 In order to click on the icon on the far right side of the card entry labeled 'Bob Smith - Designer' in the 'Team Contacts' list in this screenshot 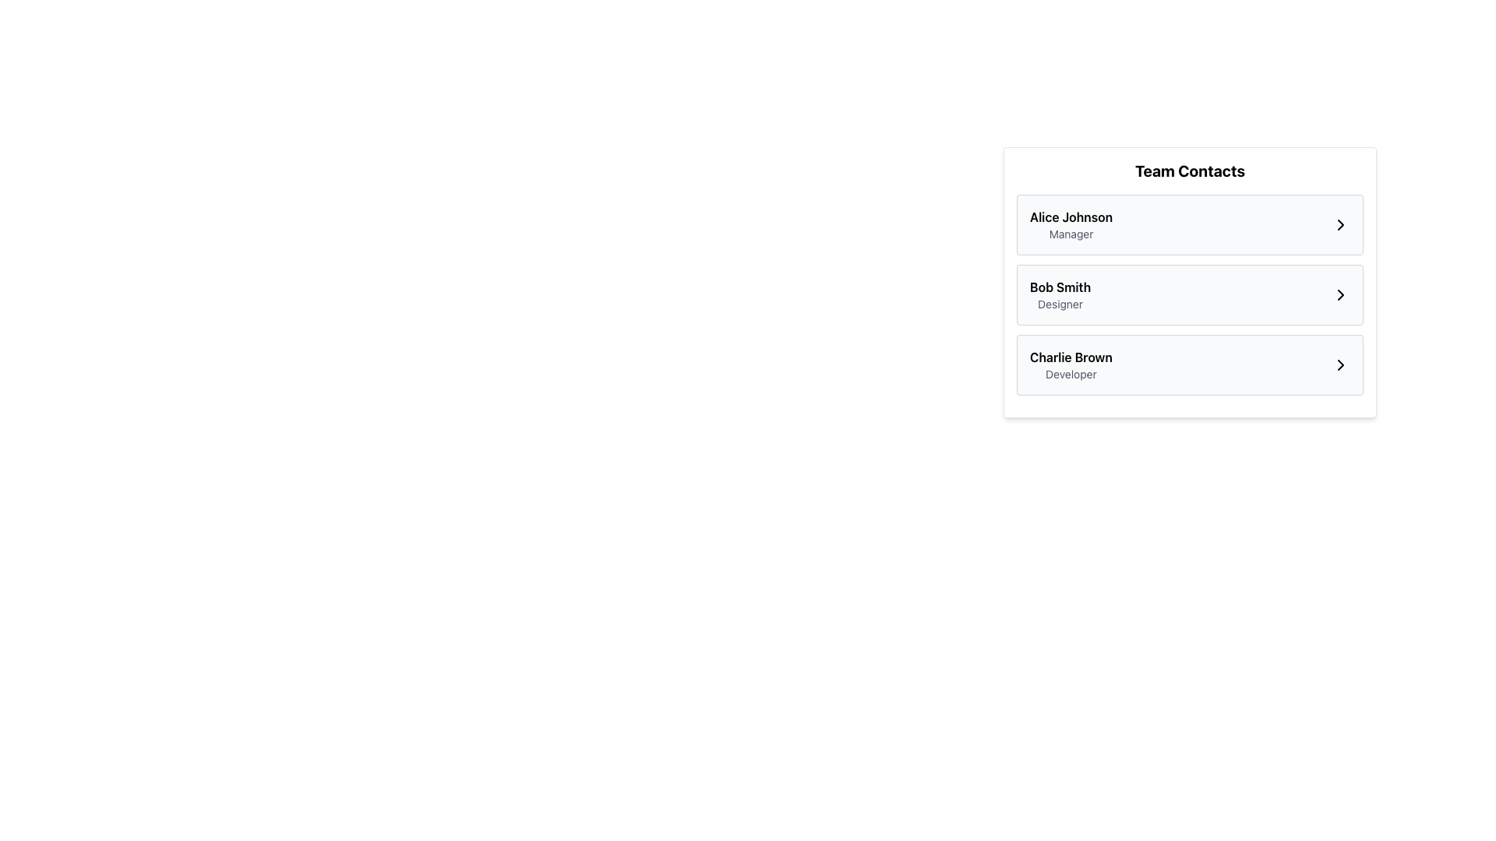, I will do `click(1340, 294)`.